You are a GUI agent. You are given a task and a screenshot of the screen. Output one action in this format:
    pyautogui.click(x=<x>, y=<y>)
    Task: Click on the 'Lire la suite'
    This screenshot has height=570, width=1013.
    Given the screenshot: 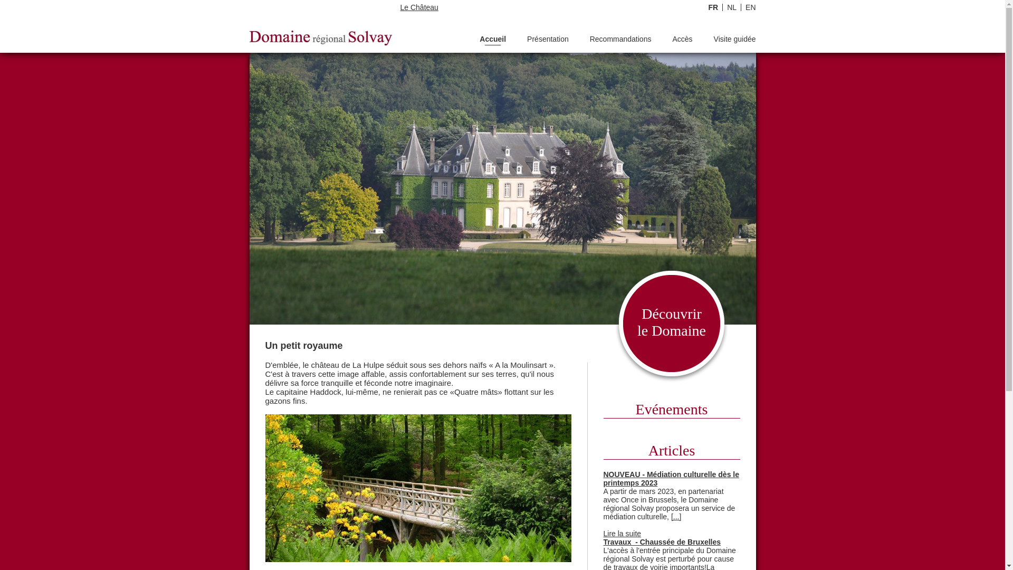 What is the action you would take?
    pyautogui.click(x=603, y=533)
    